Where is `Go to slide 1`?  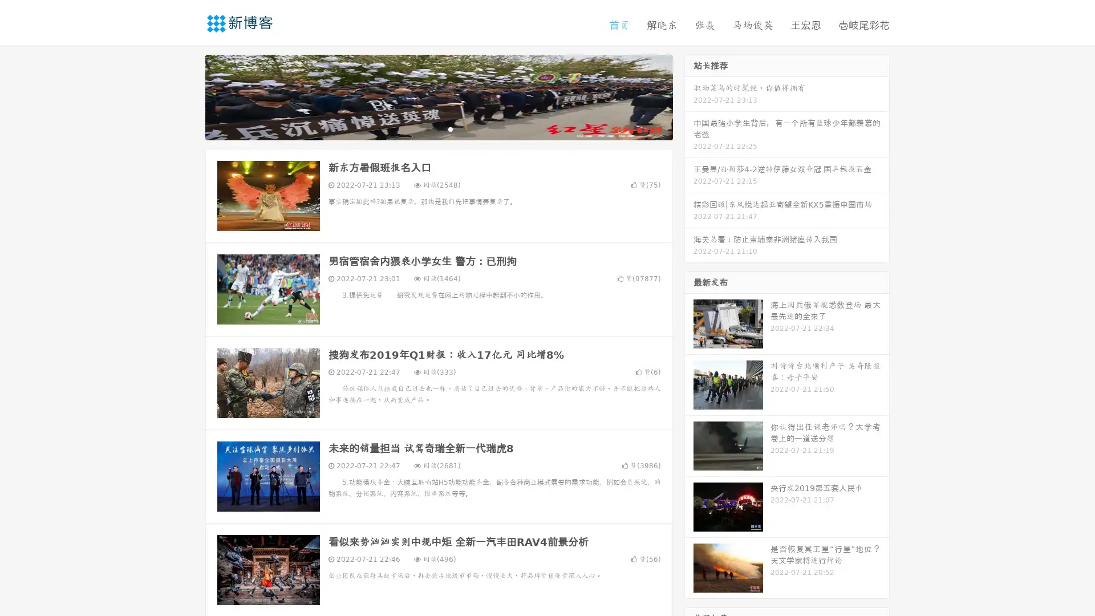 Go to slide 1 is located at coordinates (427, 128).